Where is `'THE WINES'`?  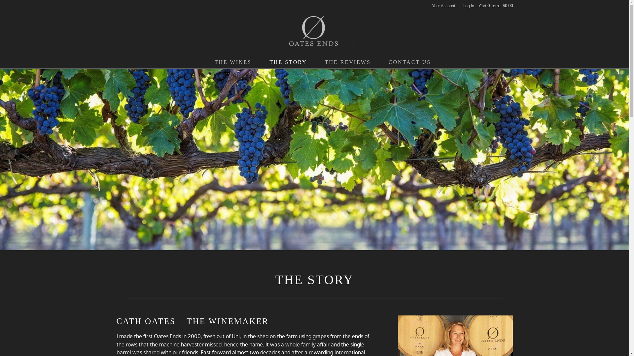
'THE WINES' is located at coordinates (214, 62).